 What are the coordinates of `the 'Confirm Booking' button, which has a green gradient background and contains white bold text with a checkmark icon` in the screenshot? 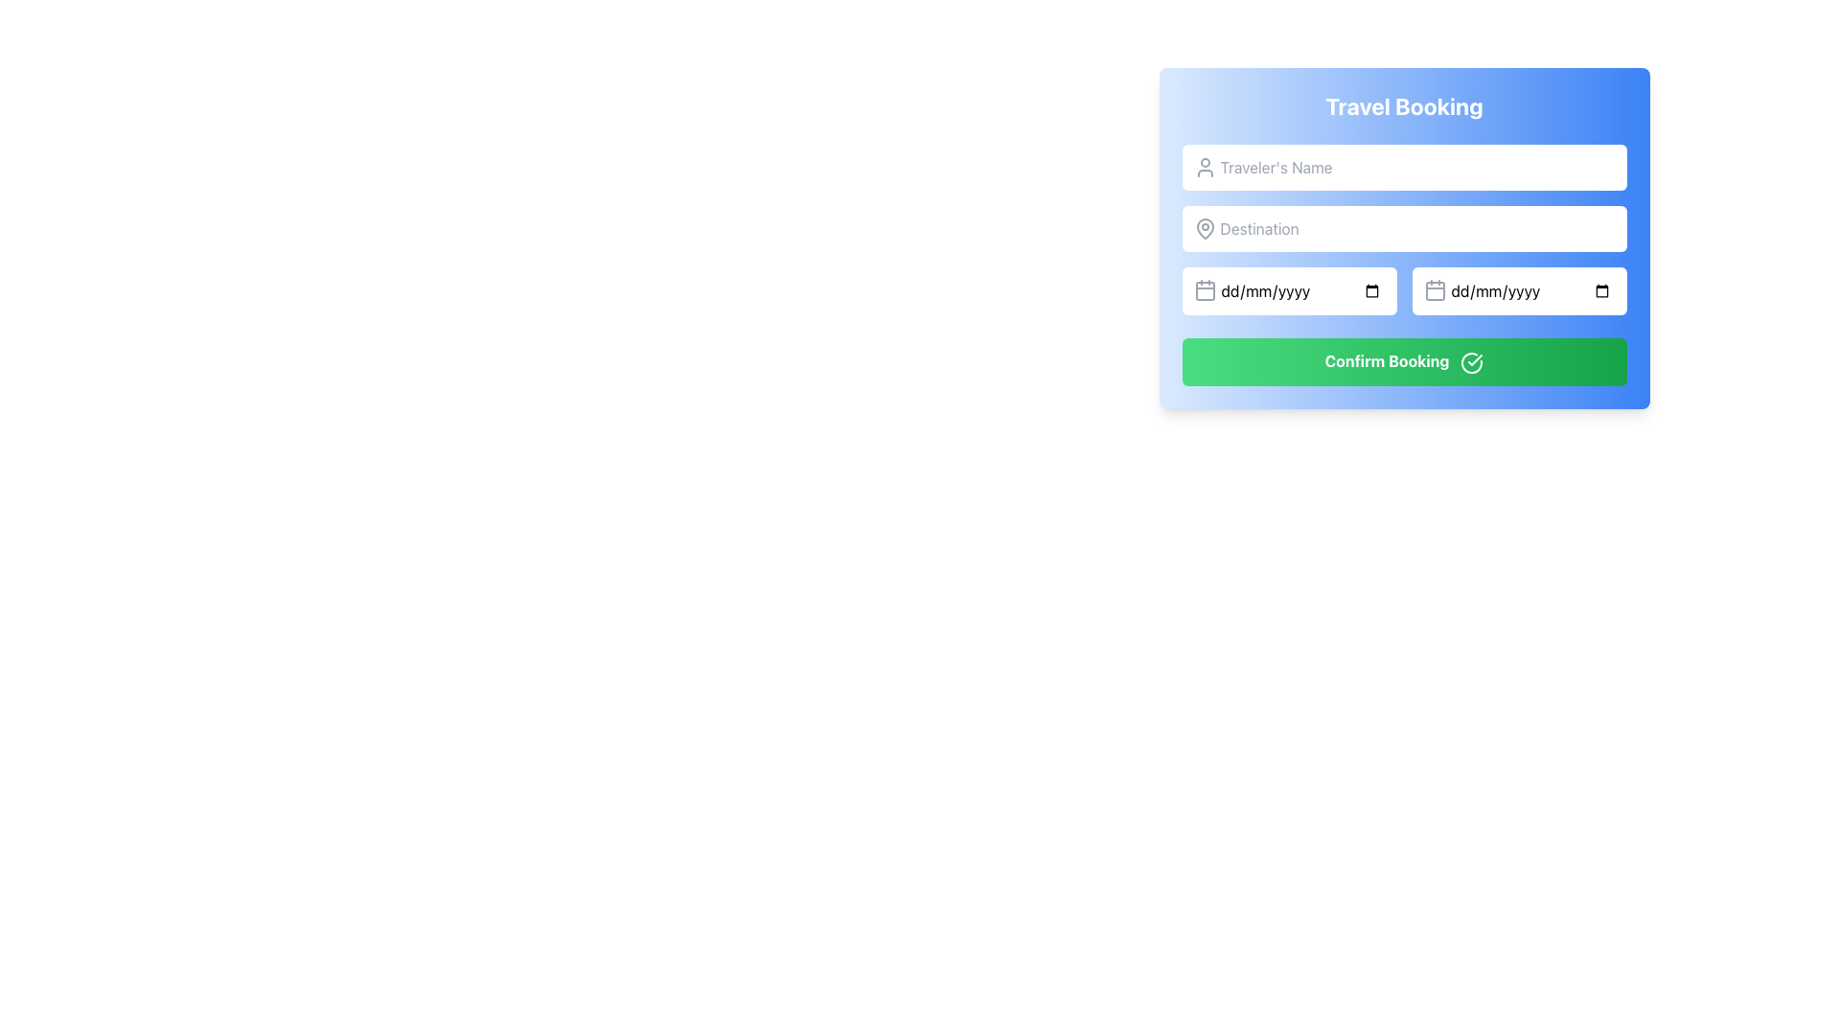 It's located at (1404, 361).